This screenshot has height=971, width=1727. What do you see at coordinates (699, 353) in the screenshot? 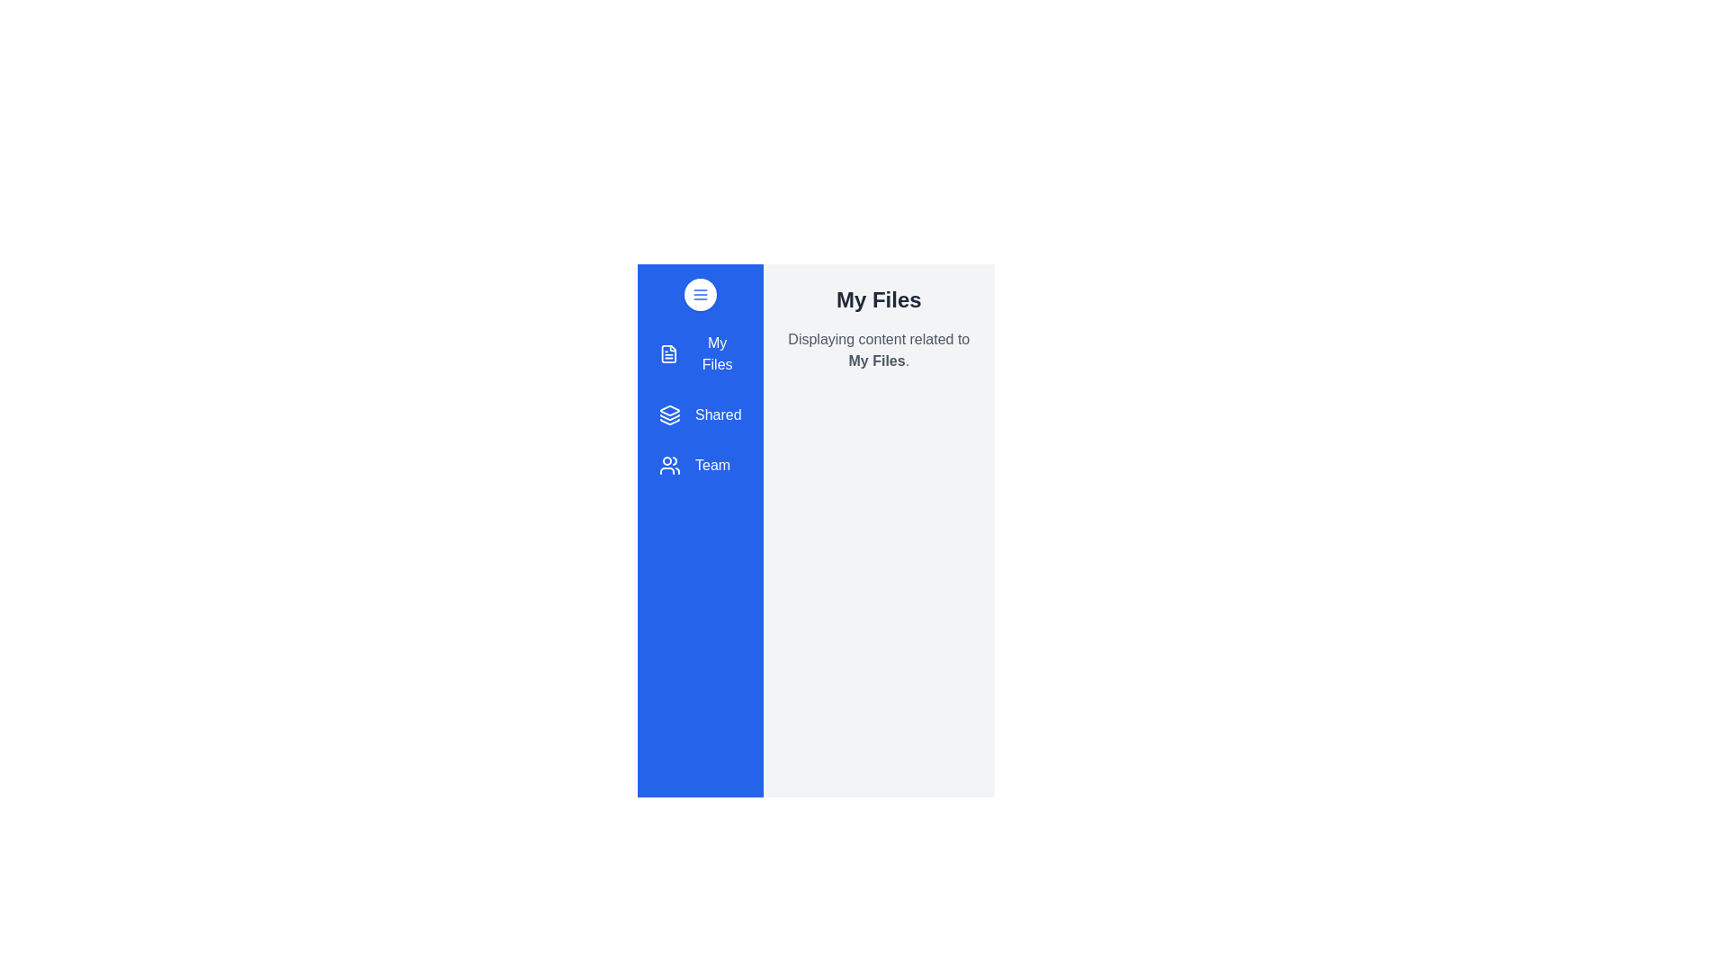
I see `the section My Files from the drawer menu` at bounding box center [699, 353].